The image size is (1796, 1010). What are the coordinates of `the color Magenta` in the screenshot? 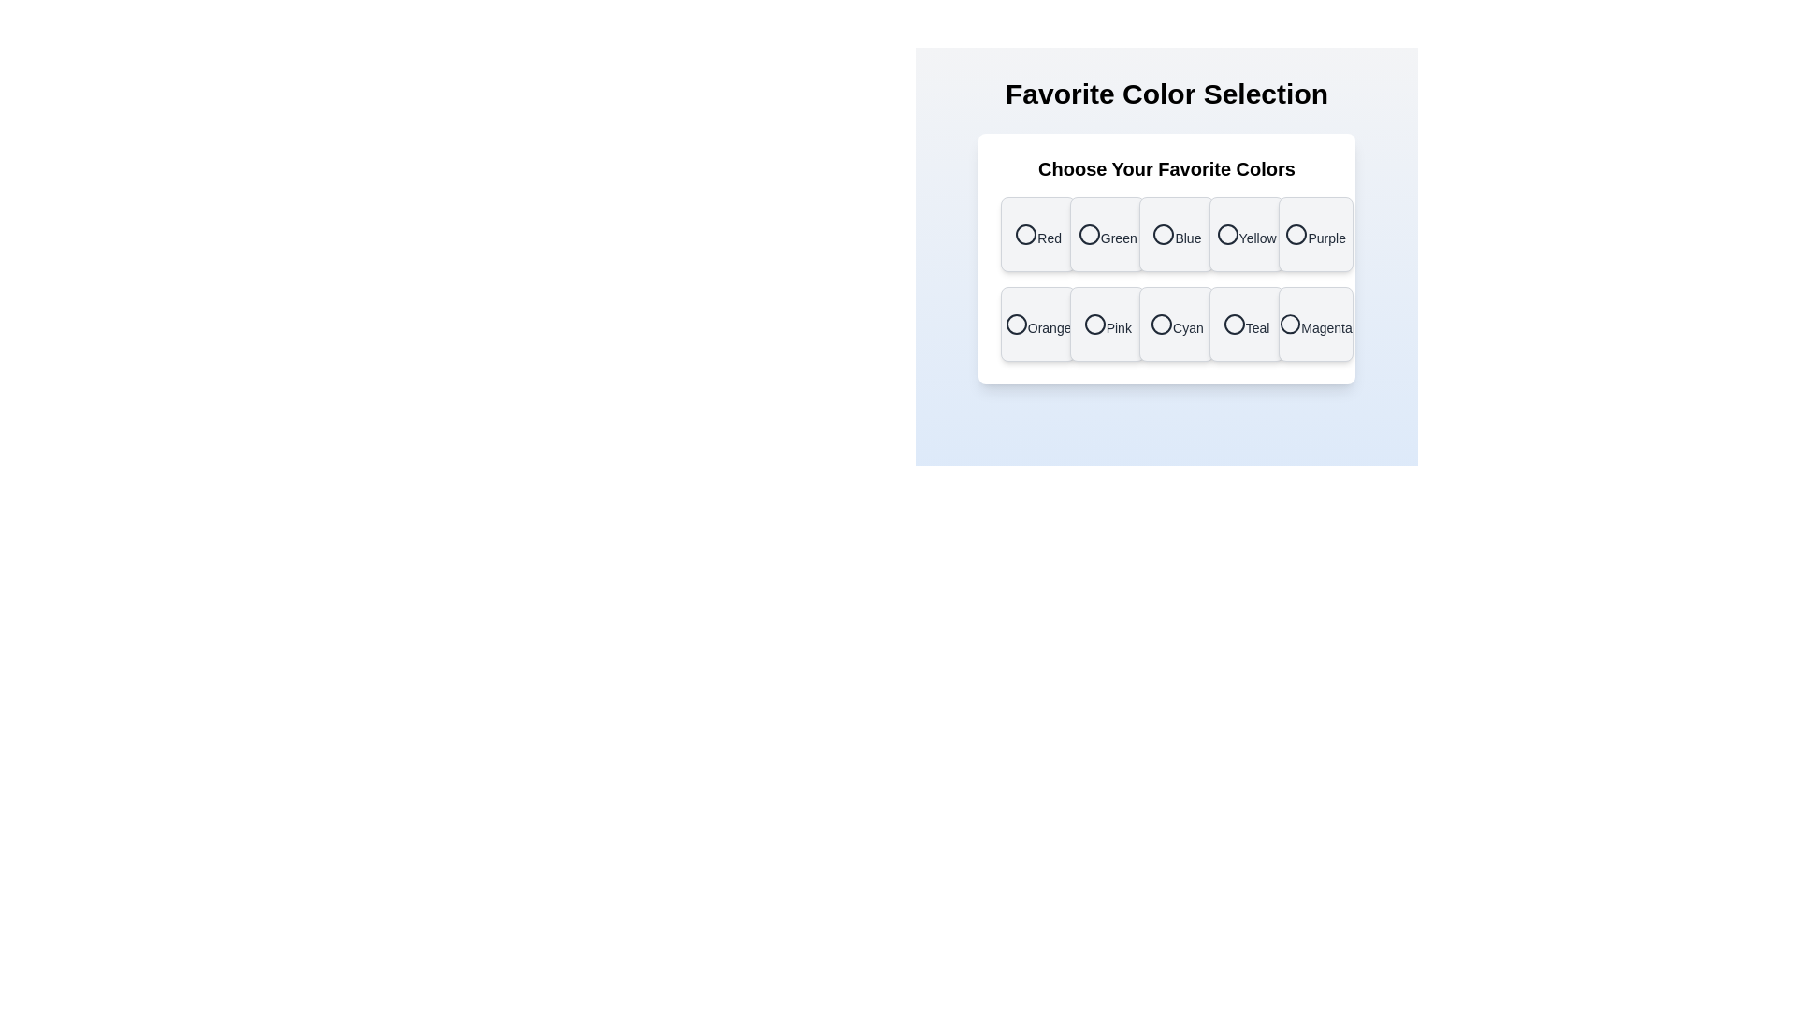 It's located at (1314, 324).